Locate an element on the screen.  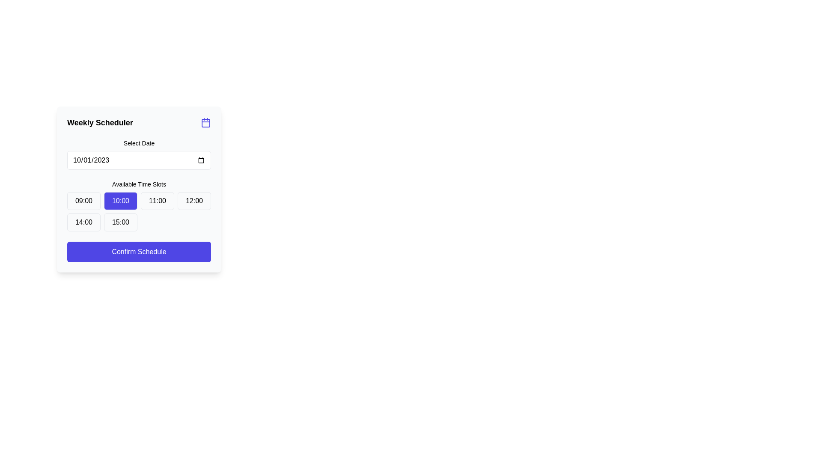
the rounded rectangular button labeled '15:00' in the second row, second column of the grid is located at coordinates (120, 222).